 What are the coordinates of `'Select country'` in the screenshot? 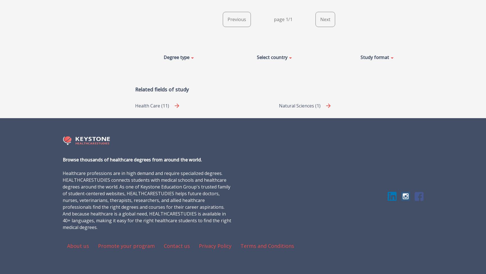 It's located at (272, 57).